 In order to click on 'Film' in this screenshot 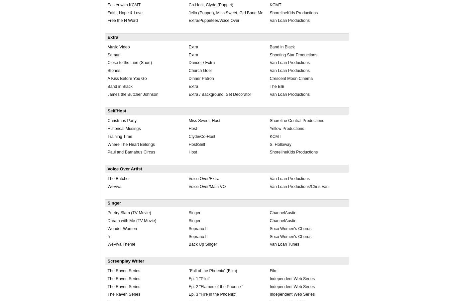, I will do `click(269, 271)`.